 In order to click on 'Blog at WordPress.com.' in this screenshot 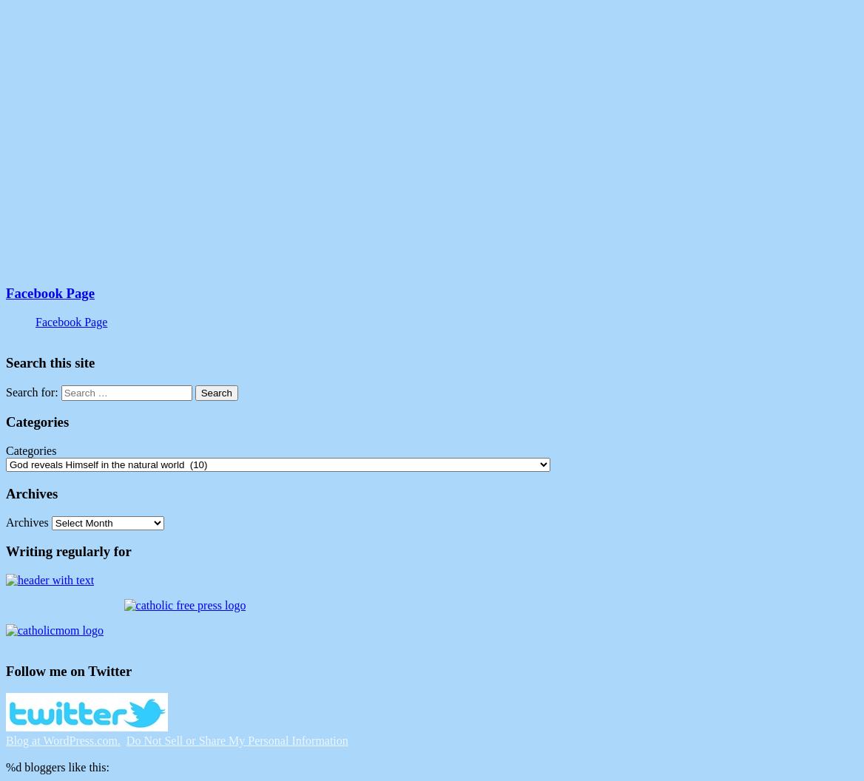, I will do `click(5, 740)`.